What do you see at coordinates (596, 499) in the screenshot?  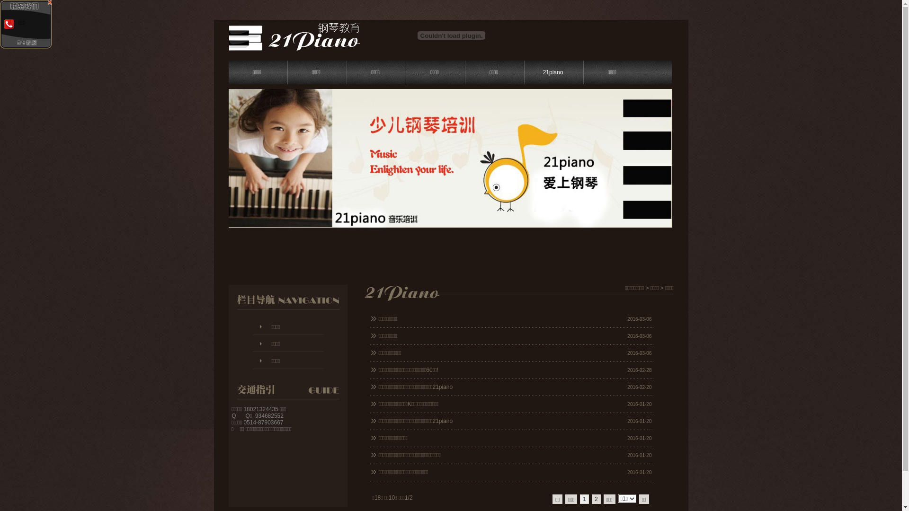 I see `'2'` at bounding box center [596, 499].